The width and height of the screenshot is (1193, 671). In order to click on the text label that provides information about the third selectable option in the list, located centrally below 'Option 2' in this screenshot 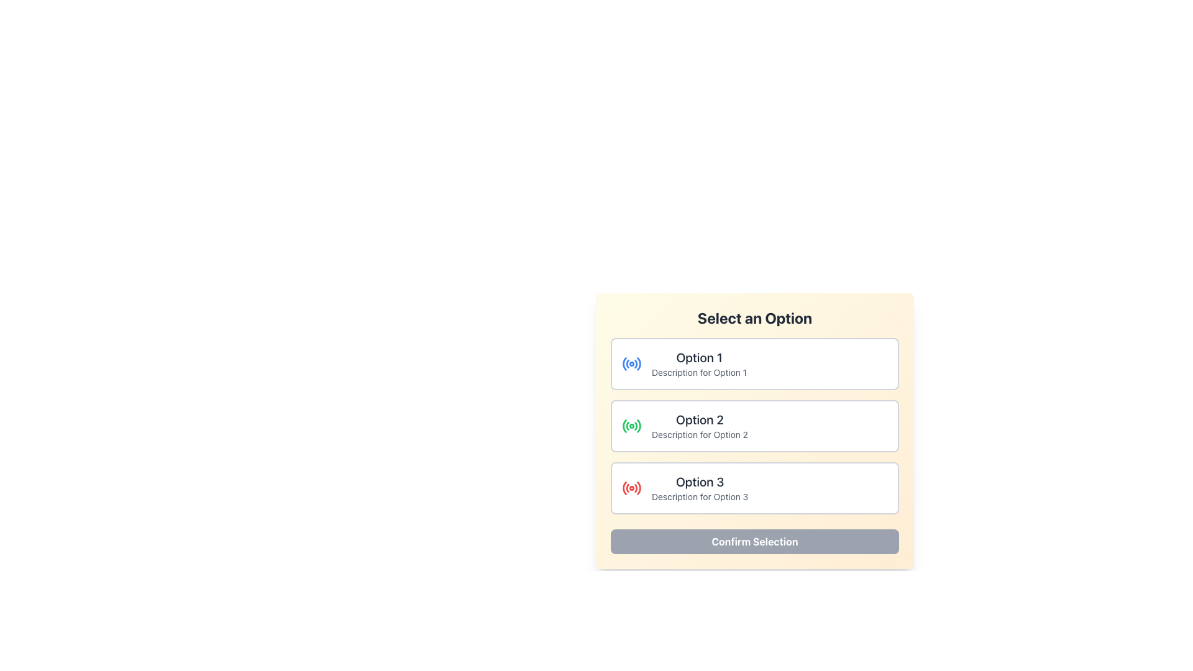, I will do `click(700, 488)`.